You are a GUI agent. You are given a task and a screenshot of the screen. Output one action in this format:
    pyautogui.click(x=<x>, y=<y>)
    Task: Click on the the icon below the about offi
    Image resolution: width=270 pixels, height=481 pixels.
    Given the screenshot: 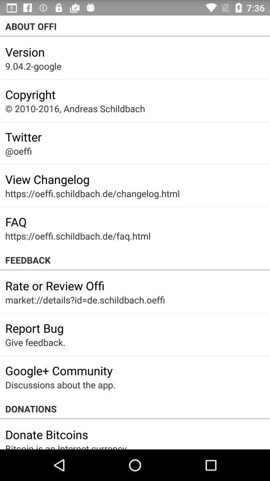 What is the action you would take?
    pyautogui.click(x=25, y=52)
    